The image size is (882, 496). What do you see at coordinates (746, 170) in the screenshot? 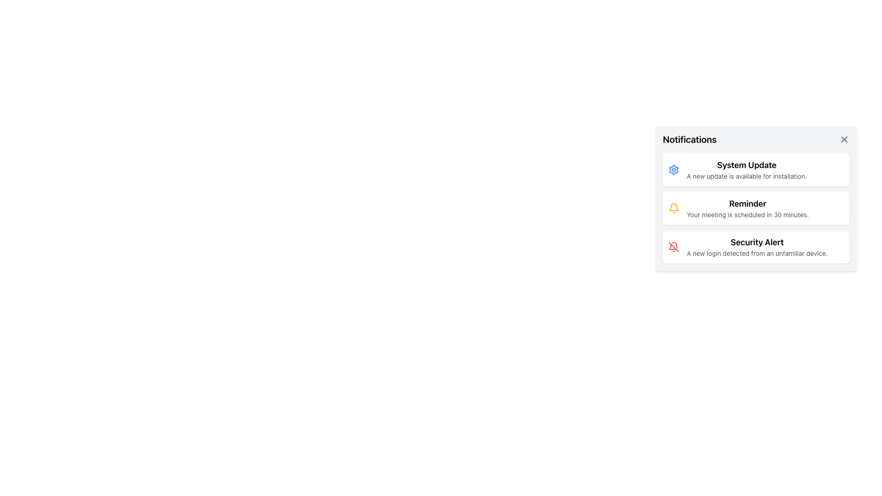
I see `the 'System Update' notification text label, which consists of the title 'System Update' in bold and large font, and the description 'A new update is available for installation.' in smaller gray font, located in the upper section of the notifications panel` at bounding box center [746, 170].